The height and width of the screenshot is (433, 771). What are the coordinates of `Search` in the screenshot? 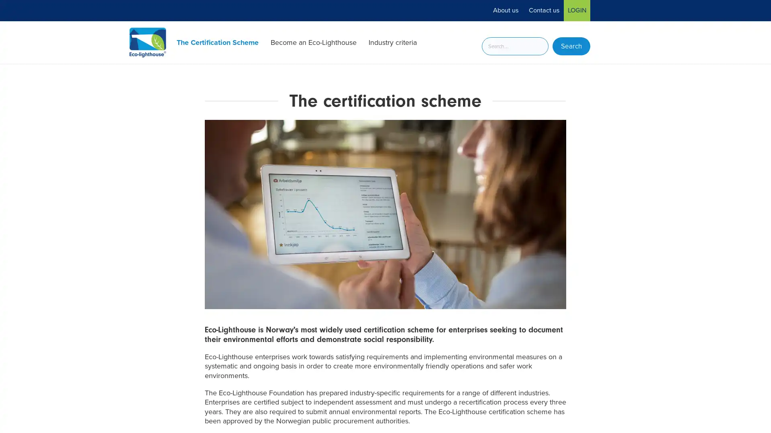 It's located at (571, 46).